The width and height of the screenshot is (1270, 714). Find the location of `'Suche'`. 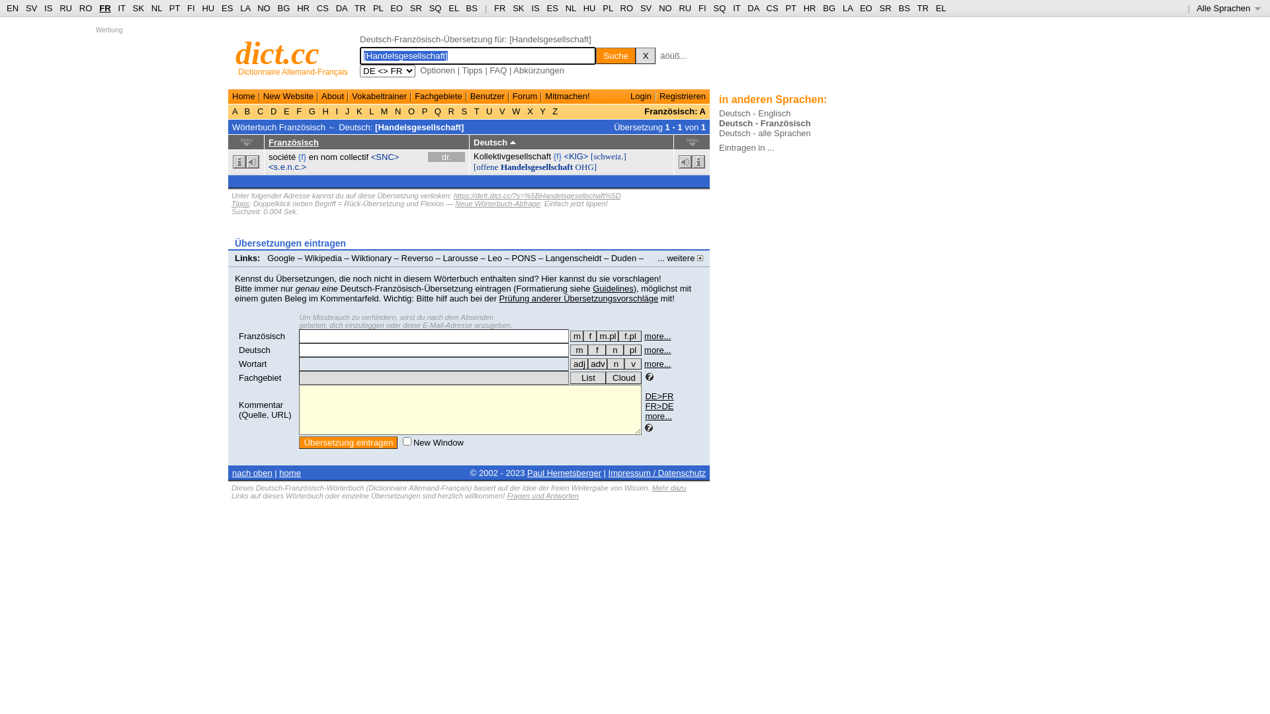

'Suche' is located at coordinates (615, 55).